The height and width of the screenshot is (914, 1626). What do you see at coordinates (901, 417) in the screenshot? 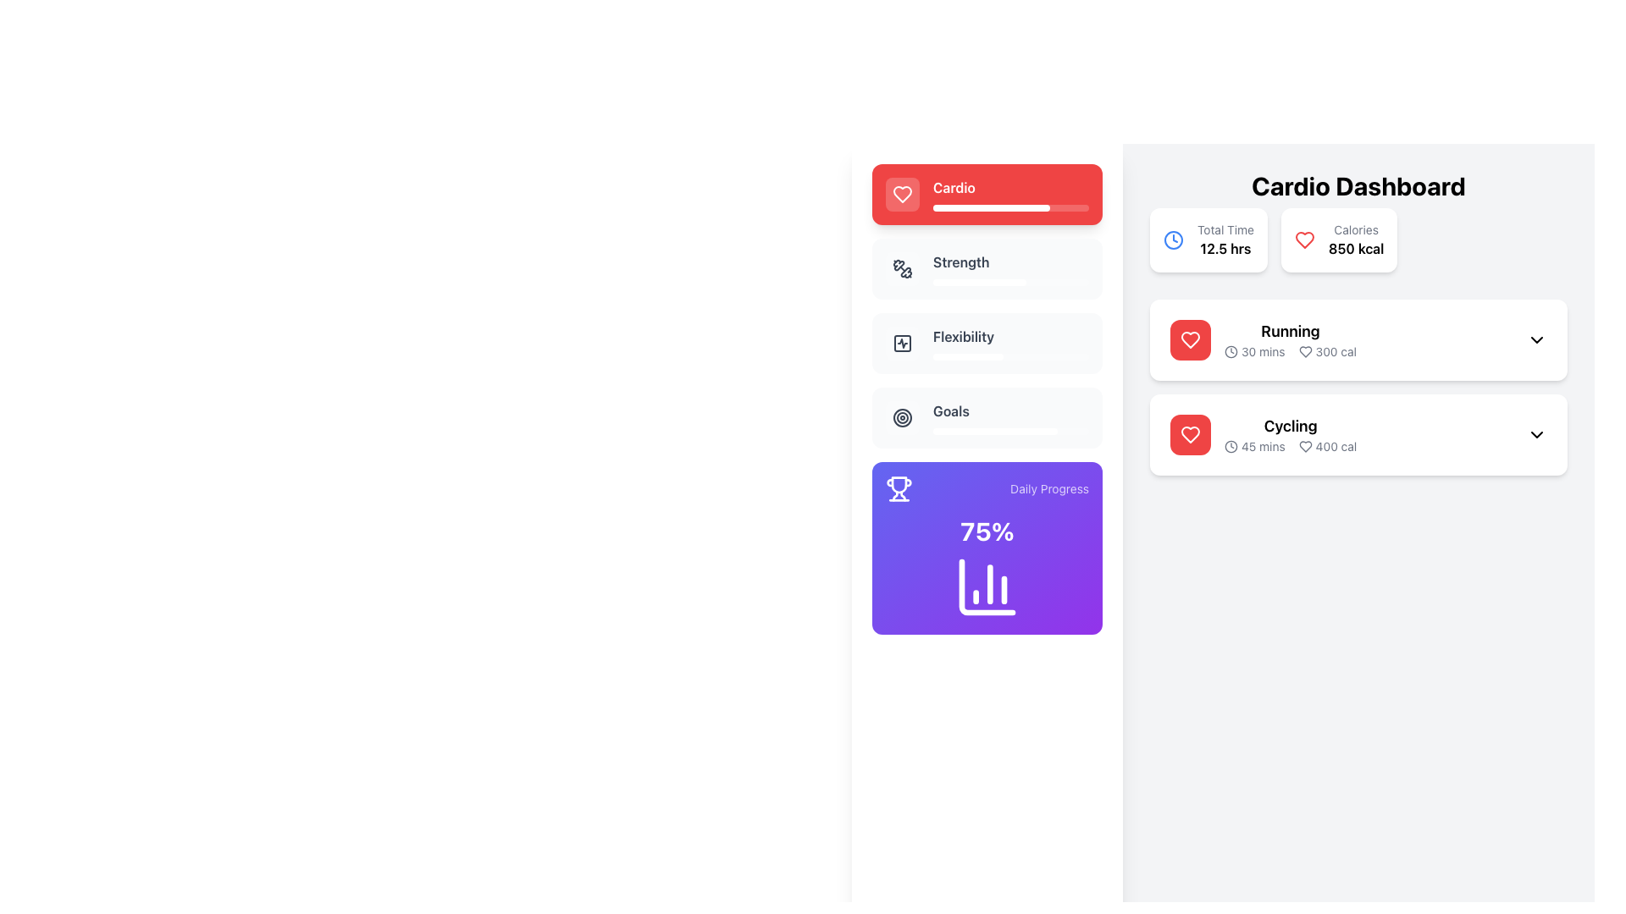
I see `the decorative icon related to goals or targets located in the left sidebar, positioned below the 'Goals' text and above the 'Daily Progress' card` at bounding box center [901, 417].